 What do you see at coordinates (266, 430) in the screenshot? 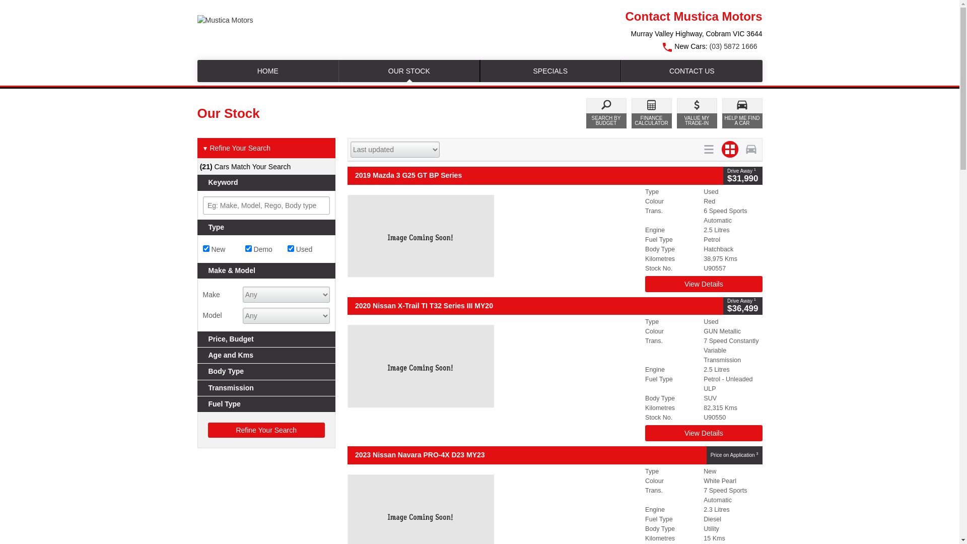
I see `'Refine Your Search'` at bounding box center [266, 430].